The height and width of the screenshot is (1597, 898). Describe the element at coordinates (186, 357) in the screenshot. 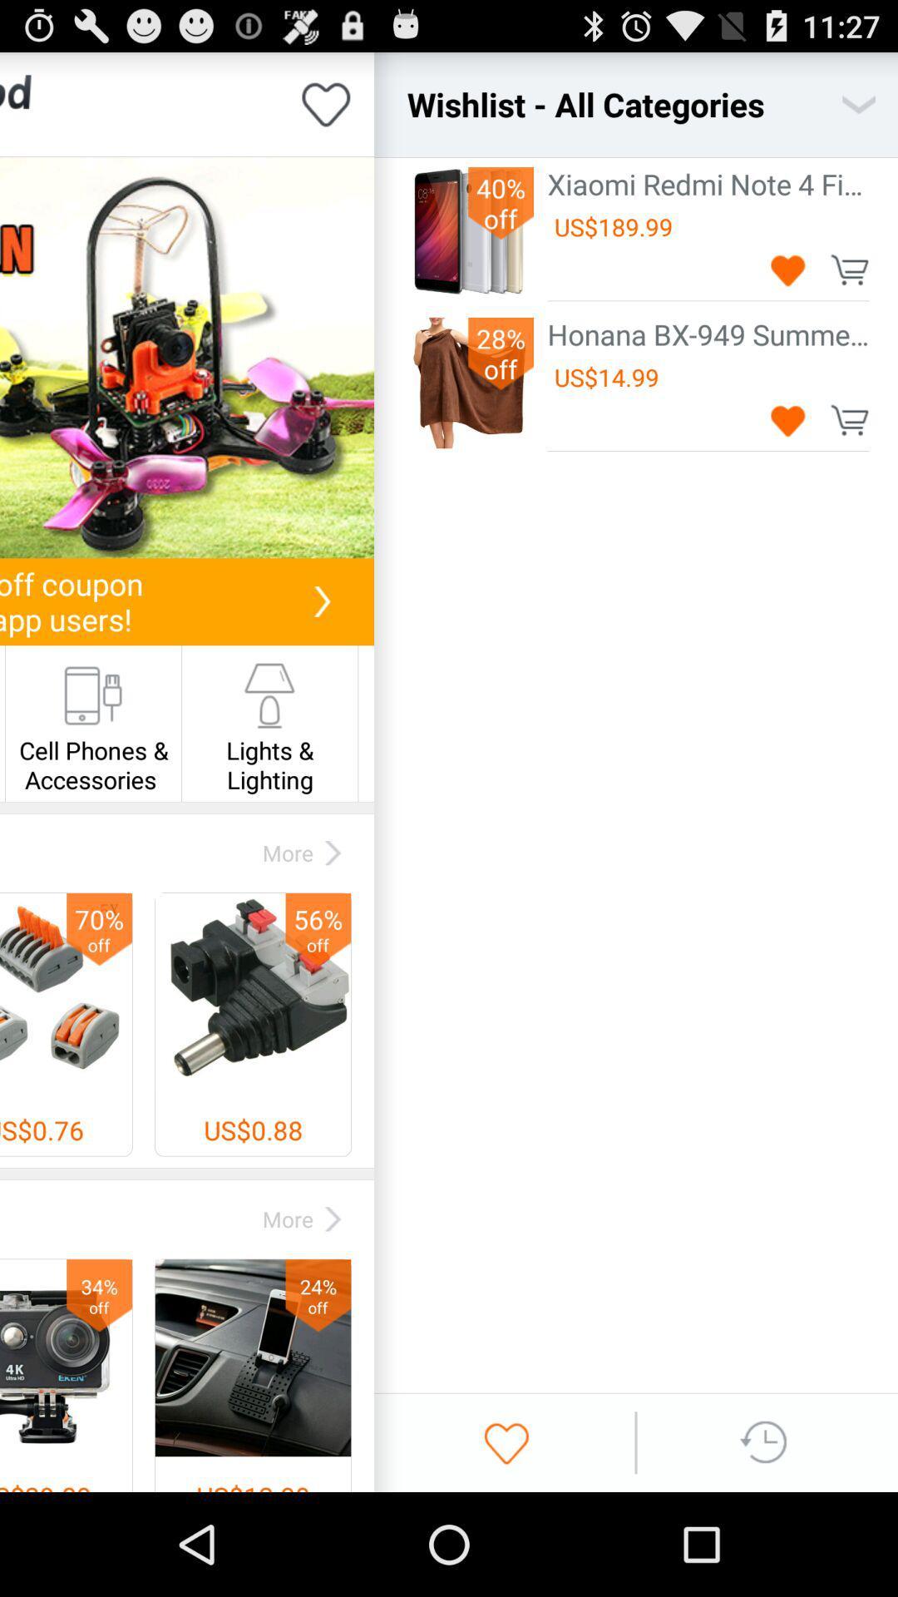

I see `this item` at that location.